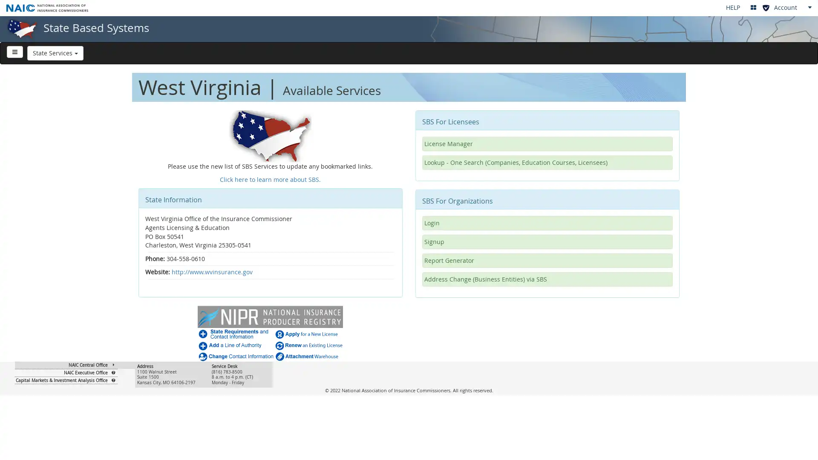  Describe the element at coordinates (55, 52) in the screenshot. I see `State Services` at that location.